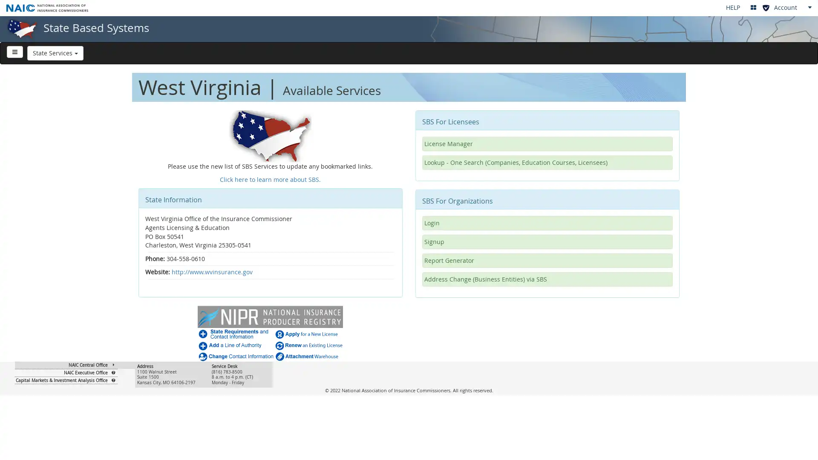  Describe the element at coordinates (55, 52) in the screenshot. I see `State Services` at that location.